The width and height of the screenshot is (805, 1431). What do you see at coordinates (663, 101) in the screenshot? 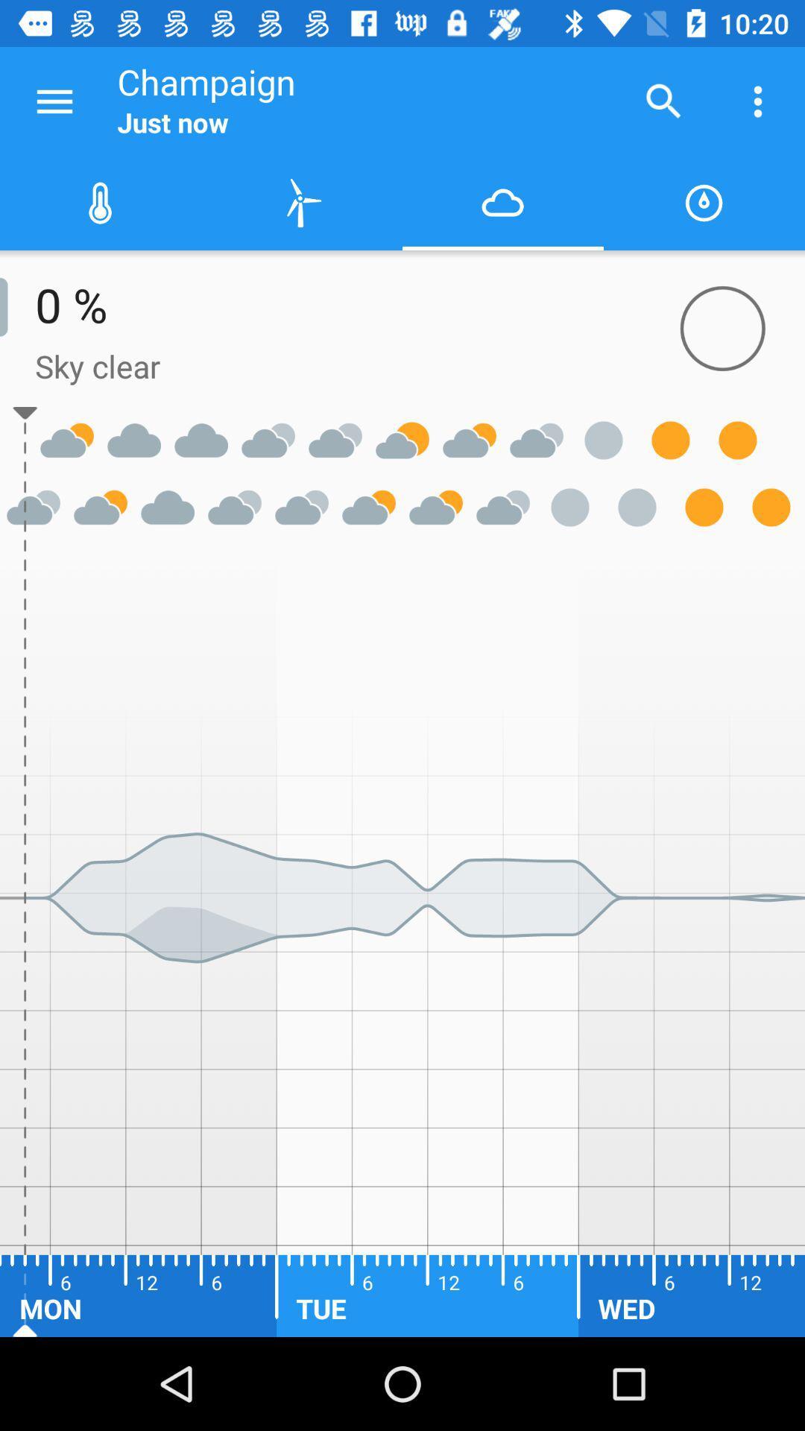
I see `the icon to the right of the champaign item` at bounding box center [663, 101].